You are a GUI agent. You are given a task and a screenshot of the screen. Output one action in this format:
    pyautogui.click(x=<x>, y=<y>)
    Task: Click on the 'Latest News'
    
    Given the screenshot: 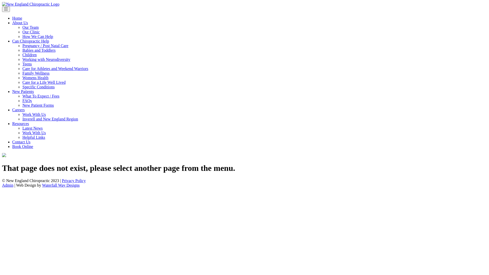 What is the action you would take?
    pyautogui.click(x=22, y=128)
    